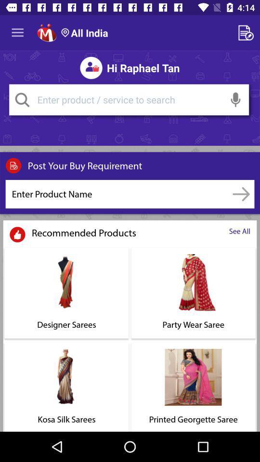 Image resolution: width=260 pixels, height=462 pixels. What do you see at coordinates (235, 100) in the screenshot?
I see `microphone` at bounding box center [235, 100].